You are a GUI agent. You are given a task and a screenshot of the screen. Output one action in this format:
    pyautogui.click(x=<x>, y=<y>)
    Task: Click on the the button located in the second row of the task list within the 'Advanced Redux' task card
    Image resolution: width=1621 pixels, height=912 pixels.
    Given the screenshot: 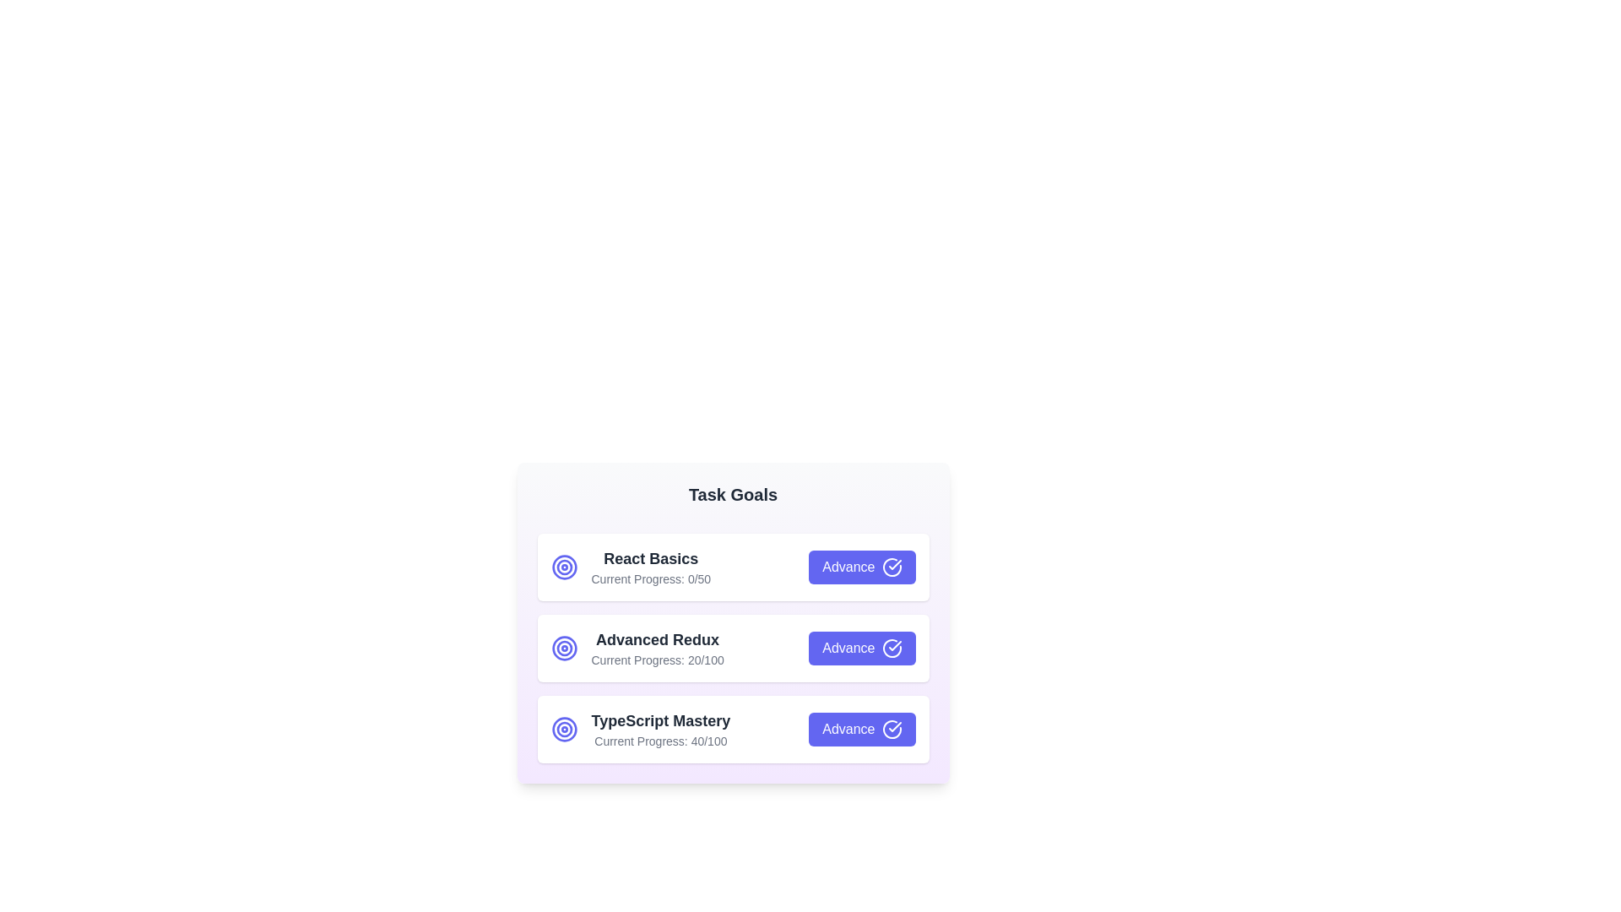 What is the action you would take?
    pyautogui.click(x=862, y=647)
    